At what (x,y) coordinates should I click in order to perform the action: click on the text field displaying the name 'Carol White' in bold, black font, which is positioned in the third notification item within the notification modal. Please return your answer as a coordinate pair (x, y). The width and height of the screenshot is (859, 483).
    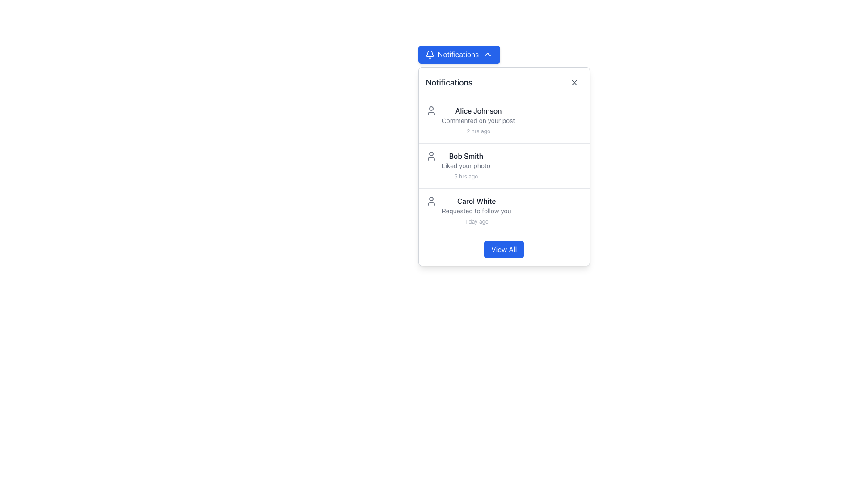
    Looking at the image, I should click on (476, 201).